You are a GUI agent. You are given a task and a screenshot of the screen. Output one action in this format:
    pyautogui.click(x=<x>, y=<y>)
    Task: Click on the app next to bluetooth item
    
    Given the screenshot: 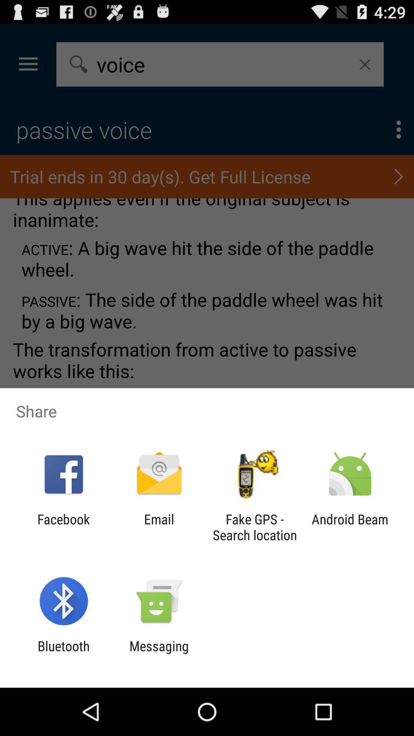 What is the action you would take?
    pyautogui.click(x=159, y=654)
    